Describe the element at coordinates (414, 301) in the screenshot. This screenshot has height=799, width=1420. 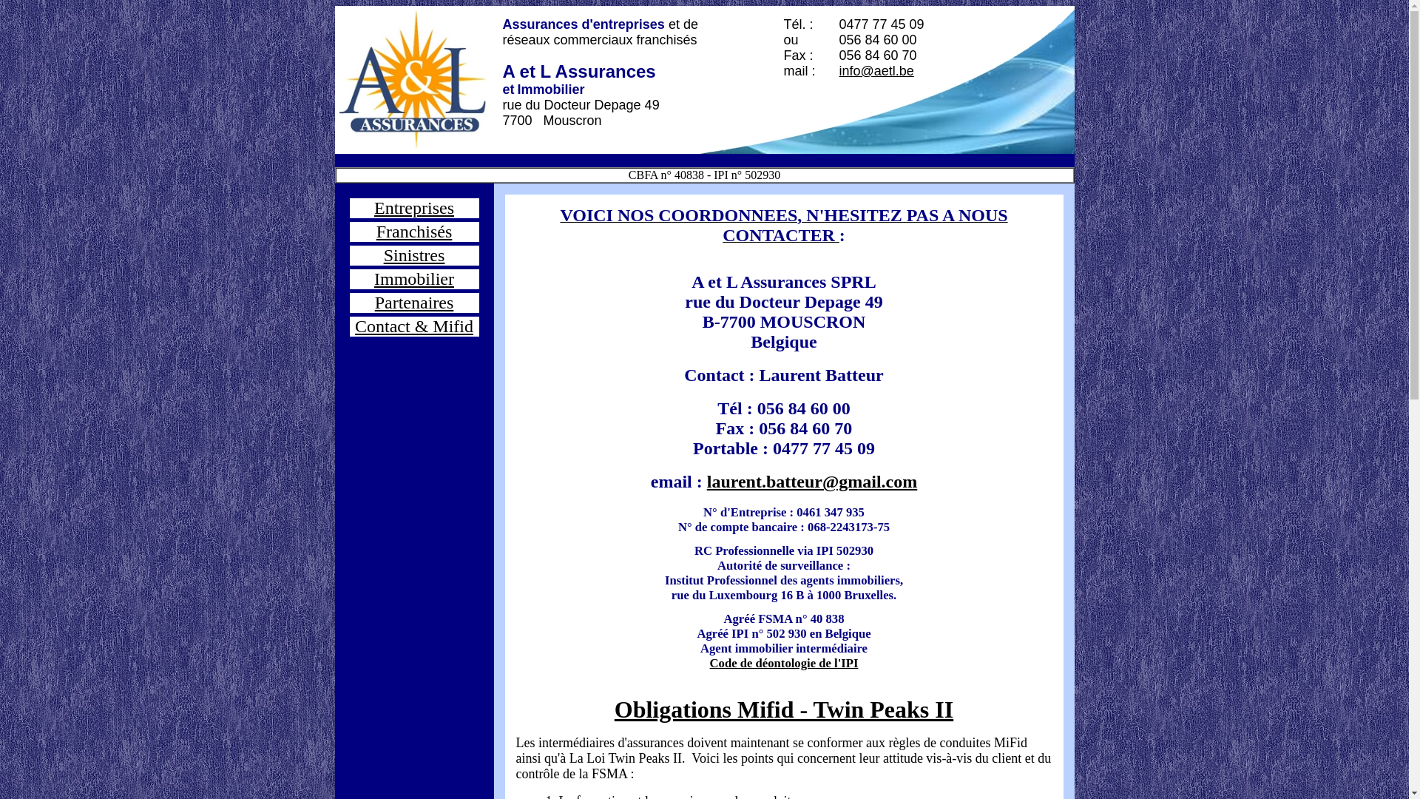
I see `'Partenaires'` at that location.